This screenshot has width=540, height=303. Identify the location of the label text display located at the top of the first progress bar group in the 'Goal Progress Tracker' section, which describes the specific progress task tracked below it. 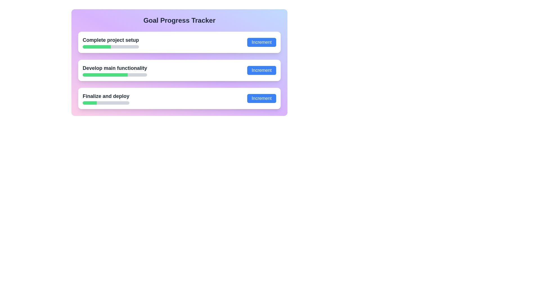
(111, 40).